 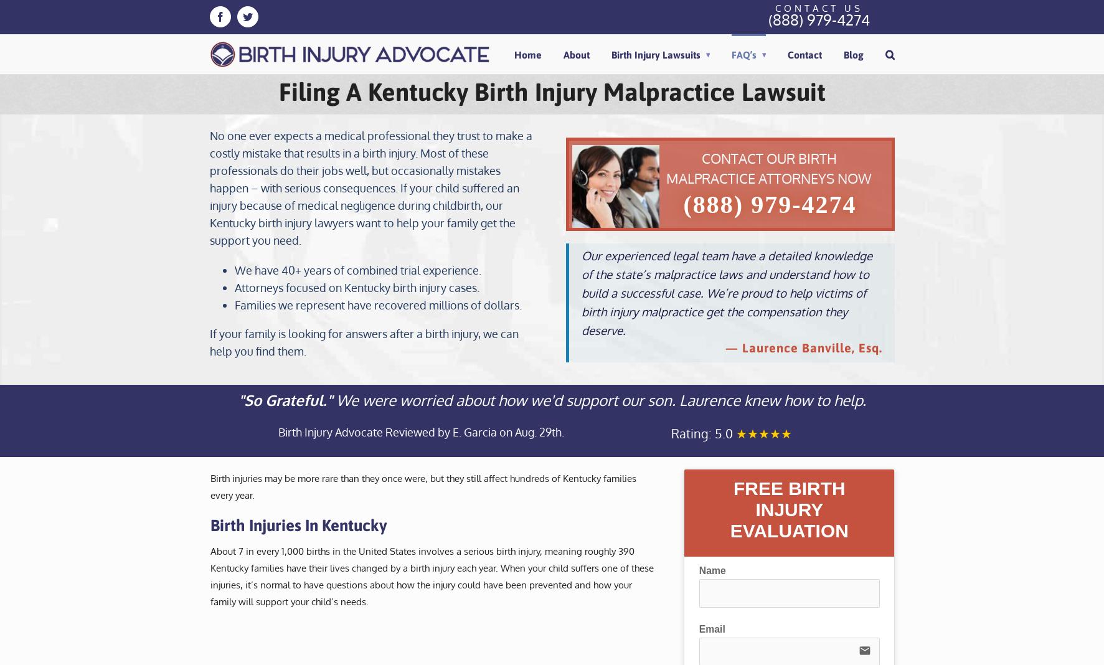 What do you see at coordinates (537, 432) in the screenshot?
I see `'Aug. 29th'` at bounding box center [537, 432].